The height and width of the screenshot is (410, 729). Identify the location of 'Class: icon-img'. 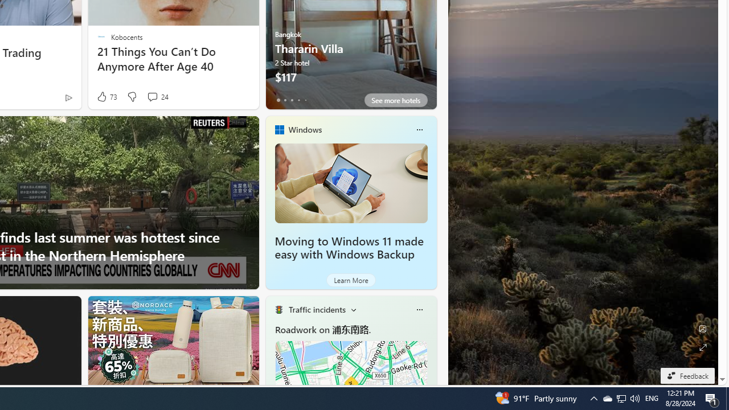
(419, 309).